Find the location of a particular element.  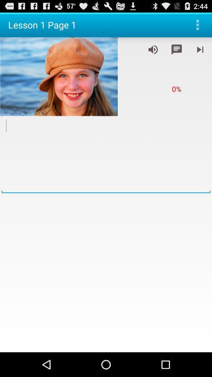

next is located at coordinates (200, 49).